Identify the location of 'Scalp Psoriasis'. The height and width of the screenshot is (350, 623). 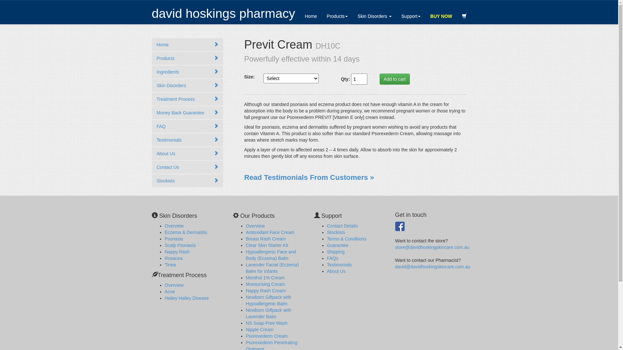
(180, 245).